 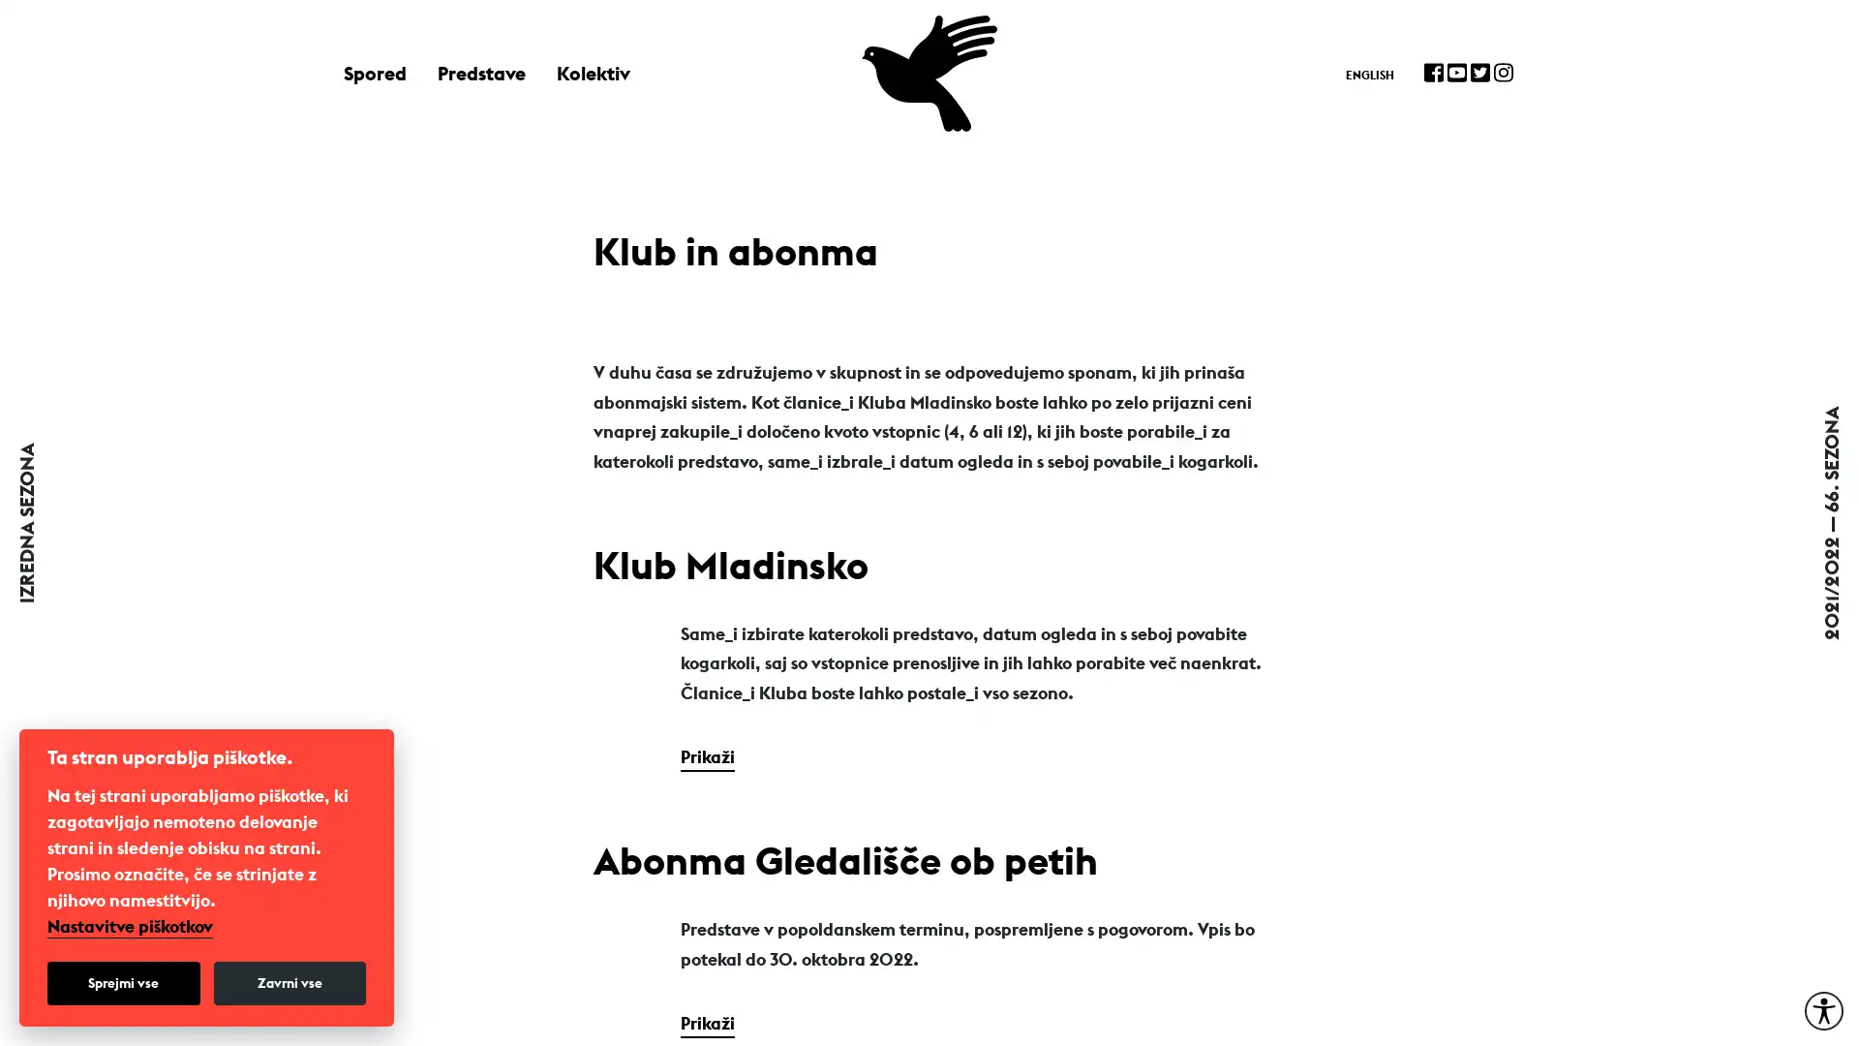 I want to click on Zavrni vse, so click(x=288, y=982).